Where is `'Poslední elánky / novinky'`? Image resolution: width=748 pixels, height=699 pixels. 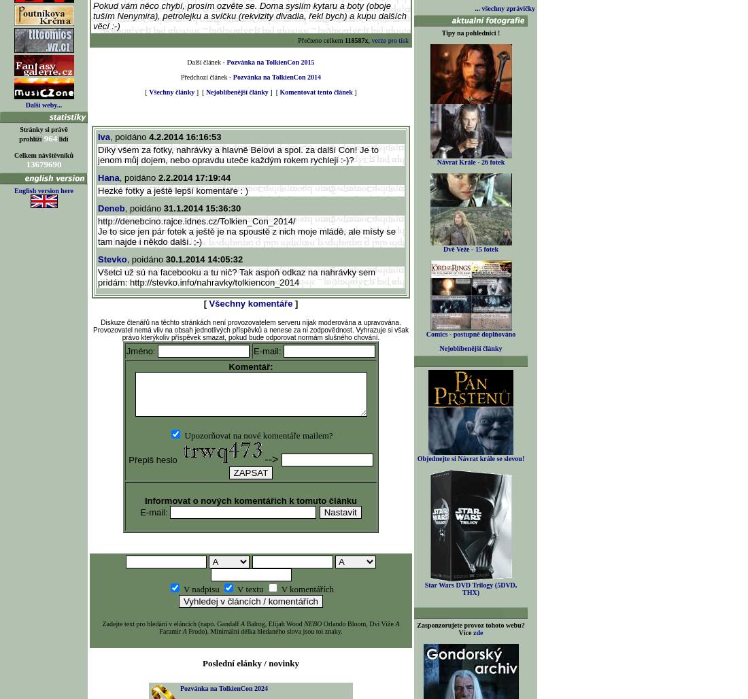 'Poslední elánky / novinky' is located at coordinates (250, 662).